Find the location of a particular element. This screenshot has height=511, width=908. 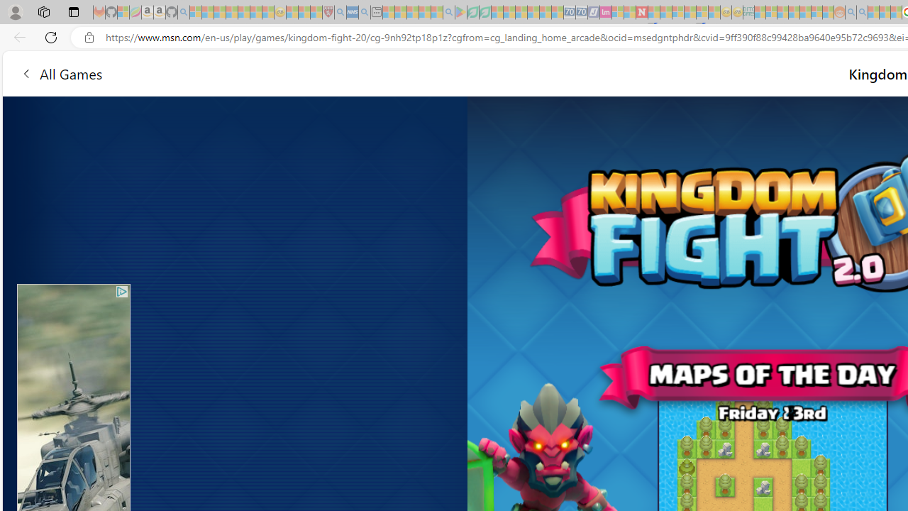

'Terms of Use Agreement - Sleeping' is located at coordinates (472, 12).